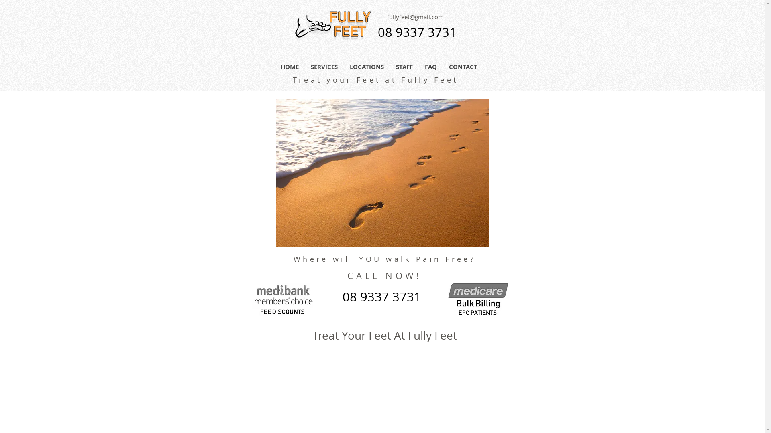 Image resolution: width=771 pixels, height=433 pixels. Describe the element at coordinates (415, 17) in the screenshot. I see `'fullyfeet@gmail.com'` at that location.